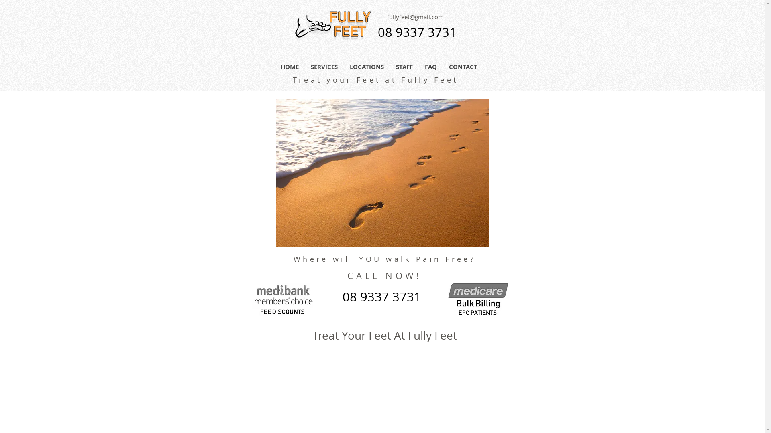 Image resolution: width=771 pixels, height=433 pixels. Describe the element at coordinates (415, 17) in the screenshot. I see `'fullyfeet@gmail.com'` at that location.